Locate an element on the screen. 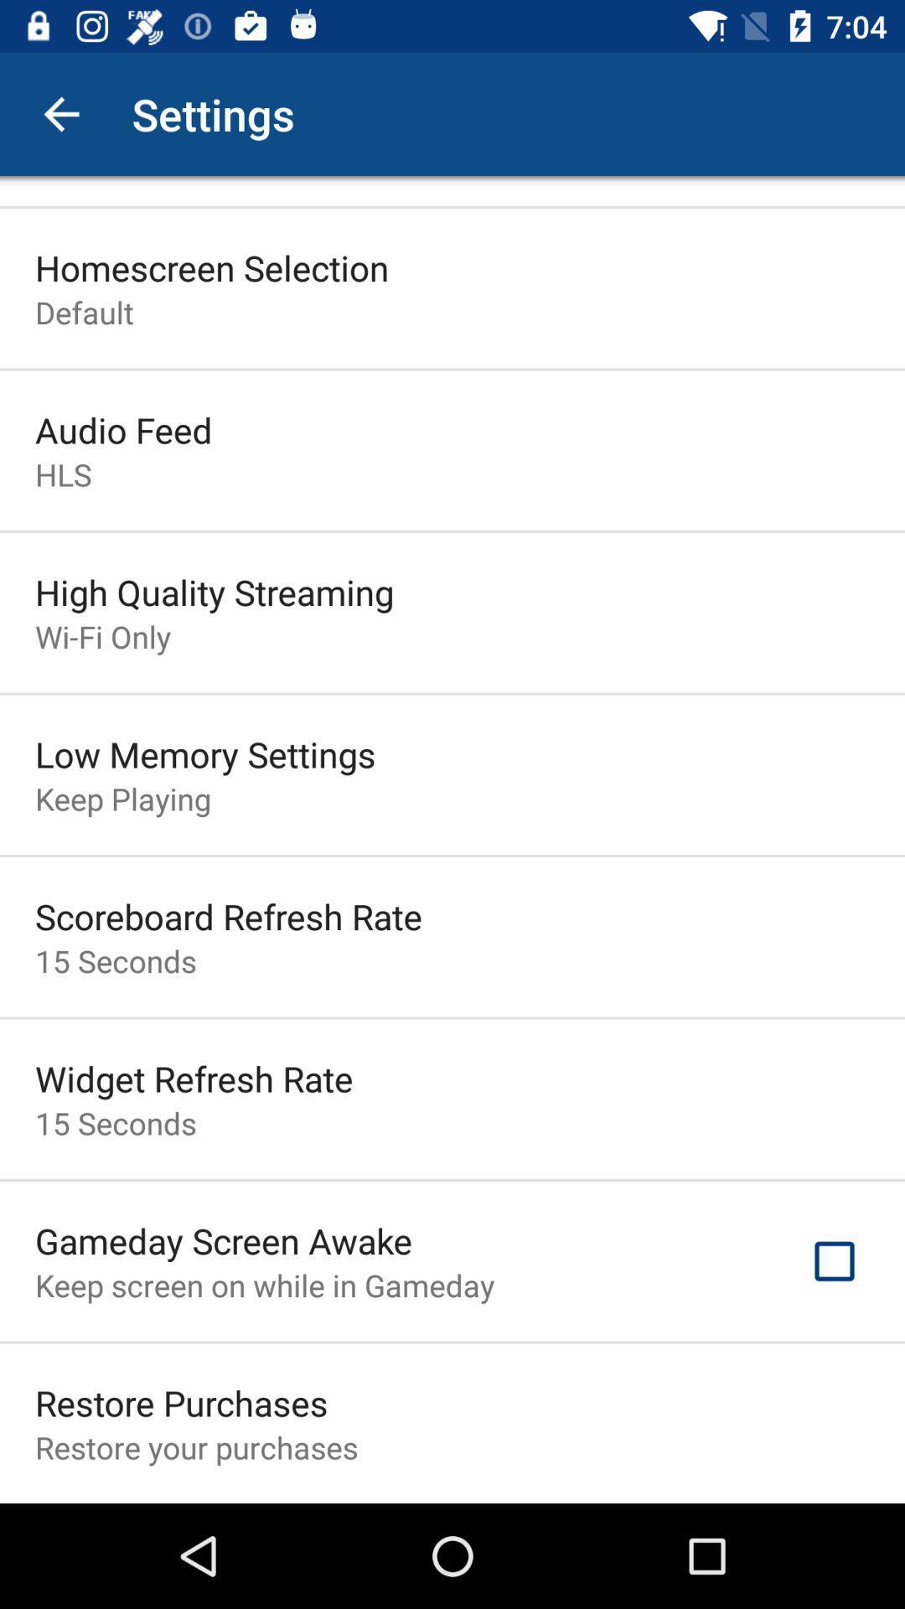  homescreen selection icon is located at coordinates (211, 266).